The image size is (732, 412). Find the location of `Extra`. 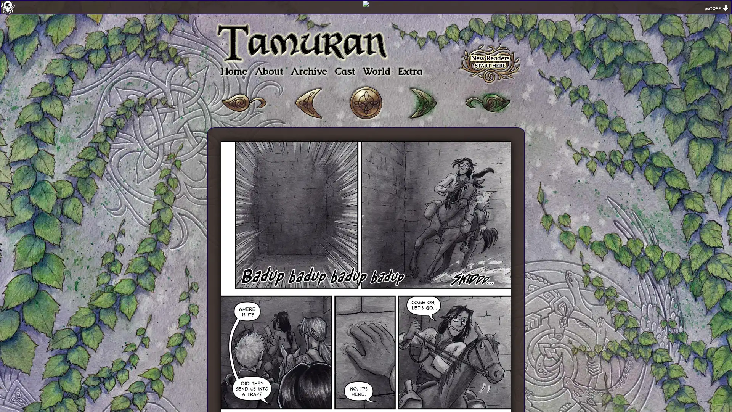

Extra is located at coordinates (409, 72).